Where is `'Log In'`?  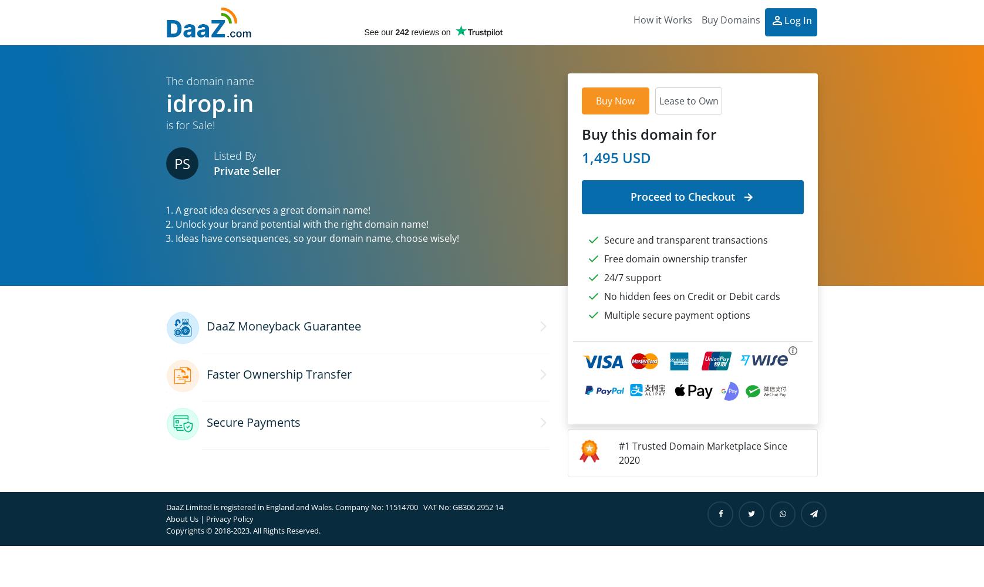
'Log In' is located at coordinates (798, 21).